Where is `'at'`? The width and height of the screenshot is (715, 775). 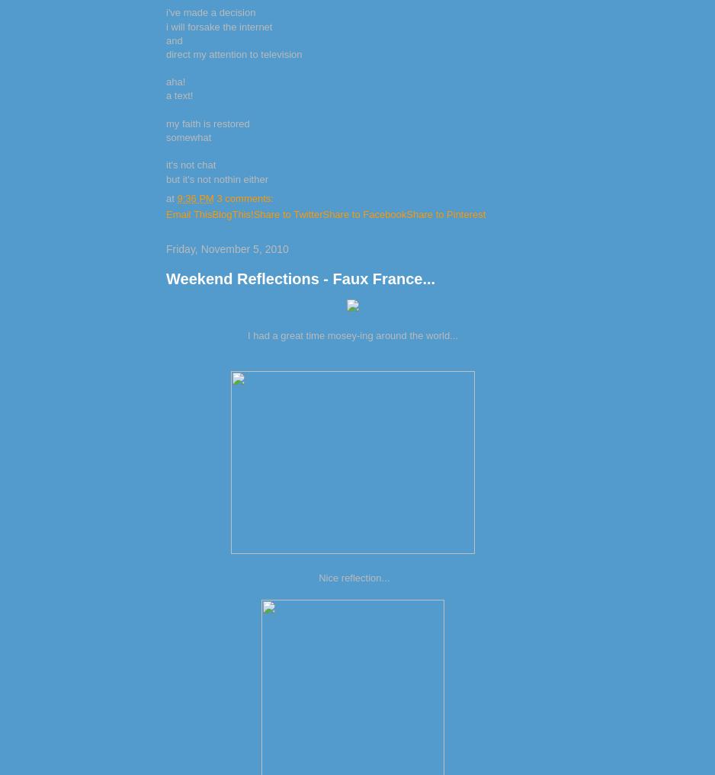 'at' is located at coordinates (172, 197).